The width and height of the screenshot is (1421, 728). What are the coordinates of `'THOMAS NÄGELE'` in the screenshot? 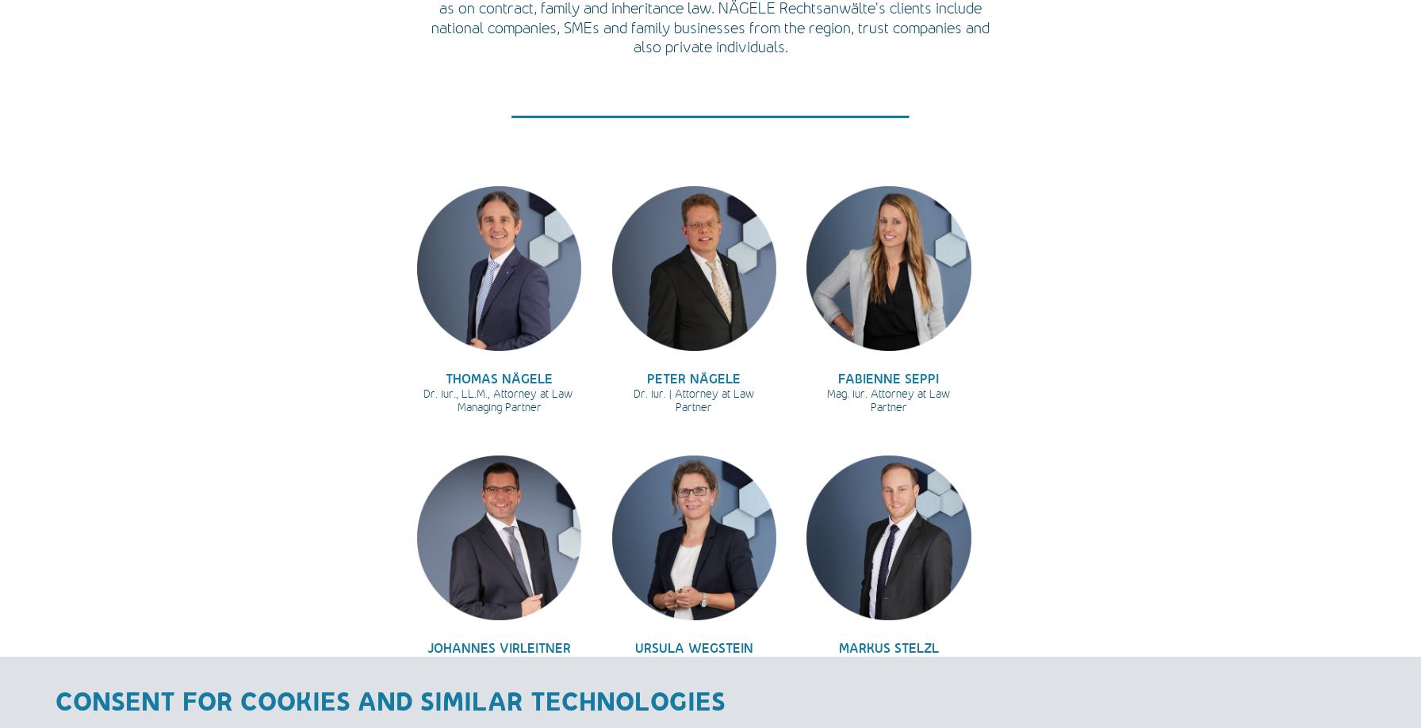 It's located at (499, 376).